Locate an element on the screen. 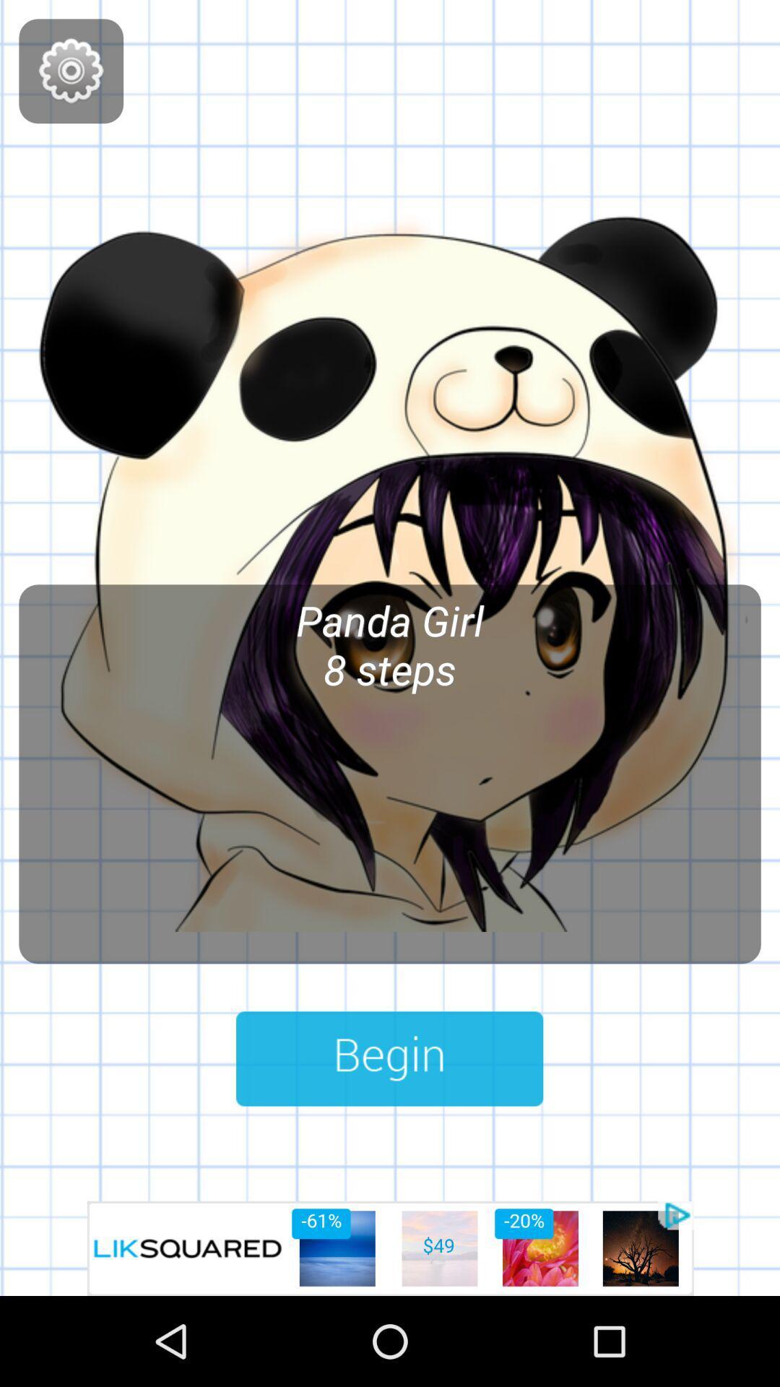 Image resolution: width=780 pixels, height=1387 pixels. setting the mobile is located at coordinates (71, 70).